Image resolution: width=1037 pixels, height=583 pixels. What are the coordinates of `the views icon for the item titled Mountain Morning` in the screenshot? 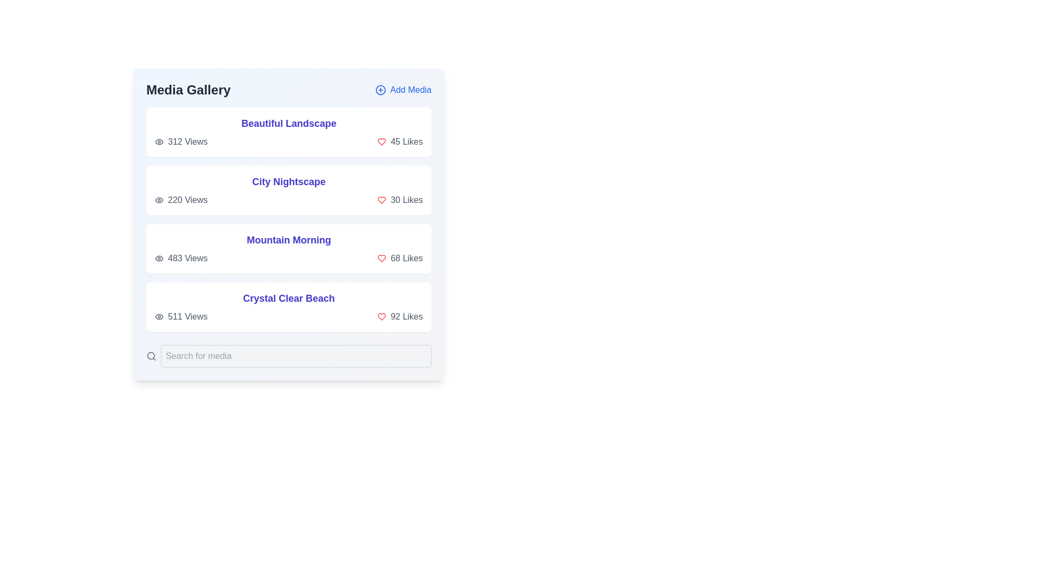 It's located at (158, 258).